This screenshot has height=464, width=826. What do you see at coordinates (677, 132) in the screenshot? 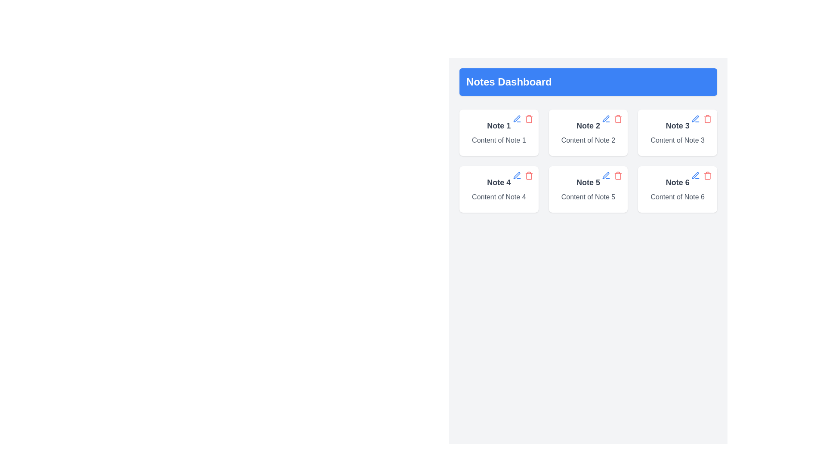
I see `the third Card or Note Widget in the first row of the grid` at bounding box center [677, 132].